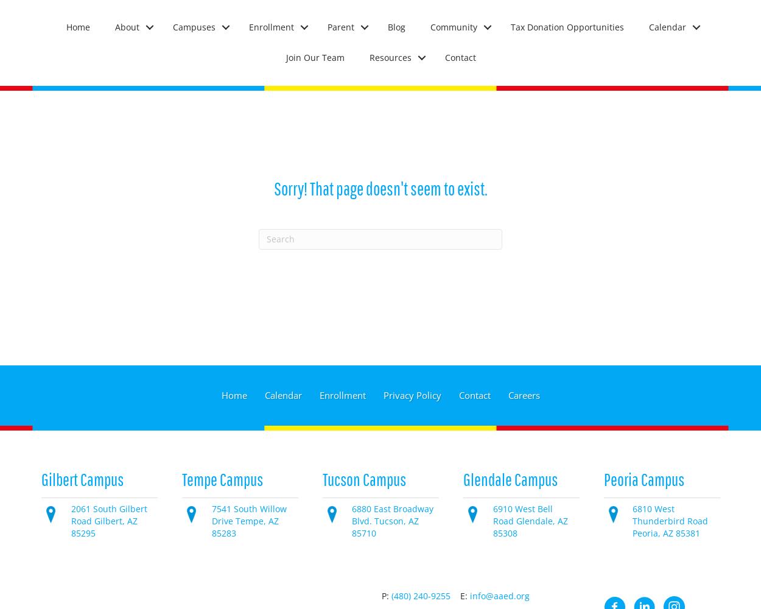 The image size is (761, 609). Describe the element at coordinates (108, 520) in the screenshot. I see `'2061 South Gilbert Road Gilbert, AZ 85295'` at that location.